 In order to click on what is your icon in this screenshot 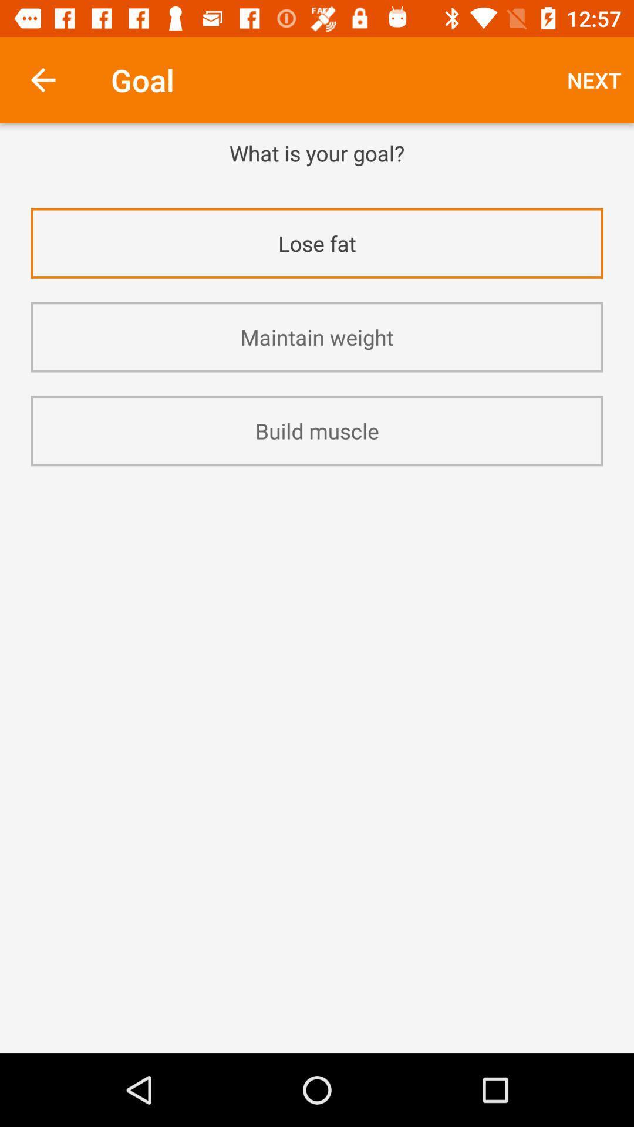, I will do `click(317, 152)`.